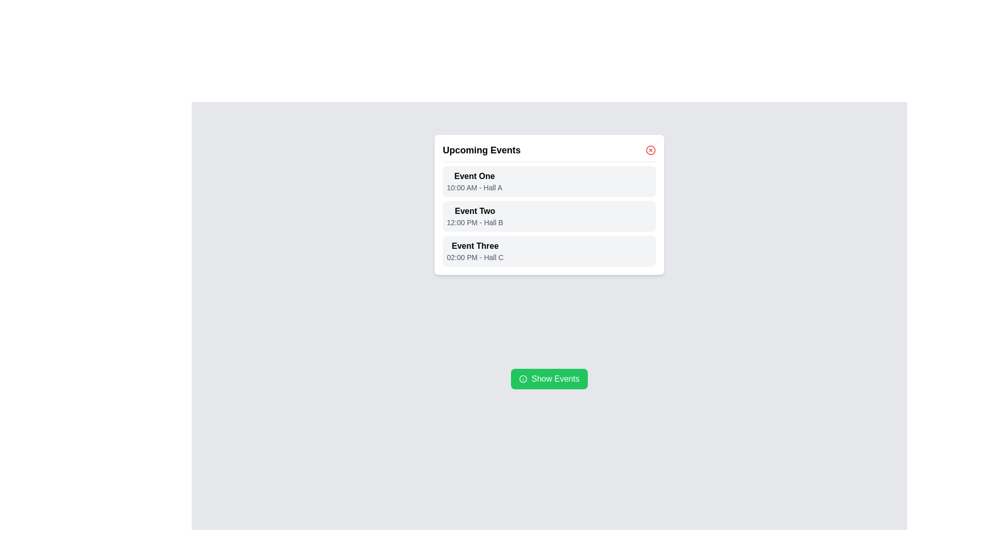 The width and height of the screenshot is (984, 554). What do you see at coordinates (474, 181) in the screenshot?
I see `event details from the Text Display showing 'Event One' and '10:00 AM - Hall A', which is the first item in the 'Upcoming Events' section` at bounding box center [474, 181].